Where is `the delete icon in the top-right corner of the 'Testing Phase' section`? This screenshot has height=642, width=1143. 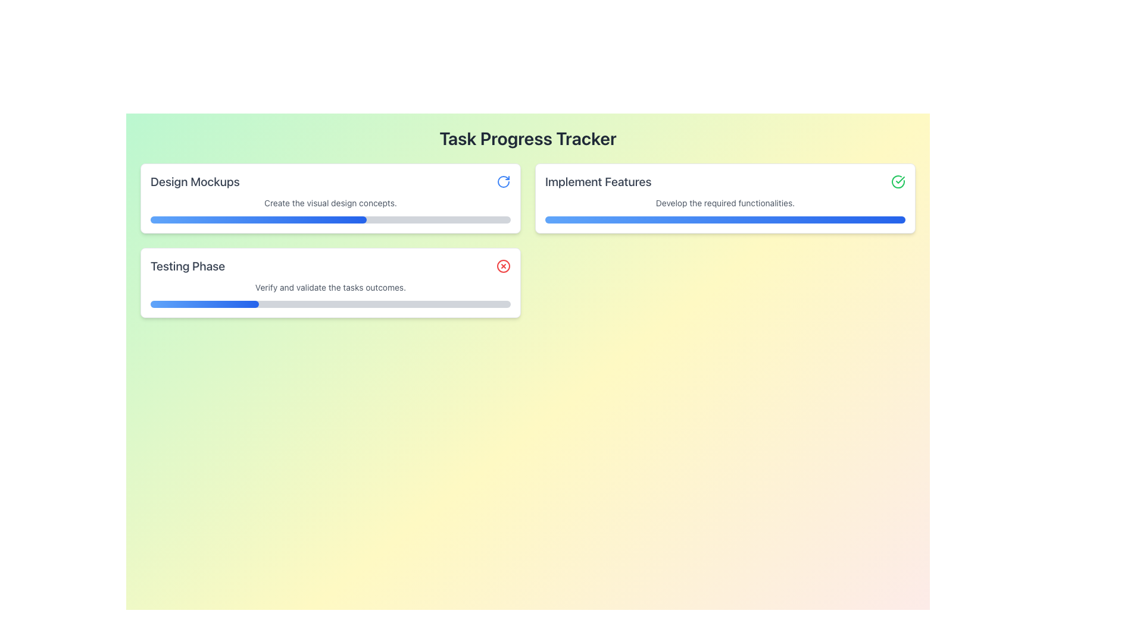
the delete icon in the top-right corner of the 'Testing Phase' section is located at coordinates (503, 265).